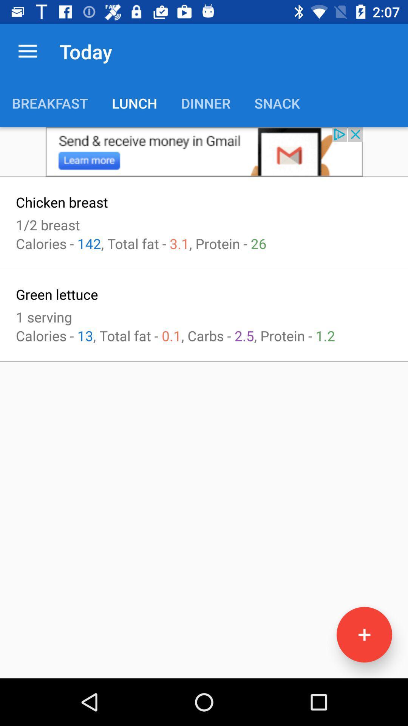 The width and height of the screenshot is (408, 726). I want to click on the add icon, so click(364, 634).